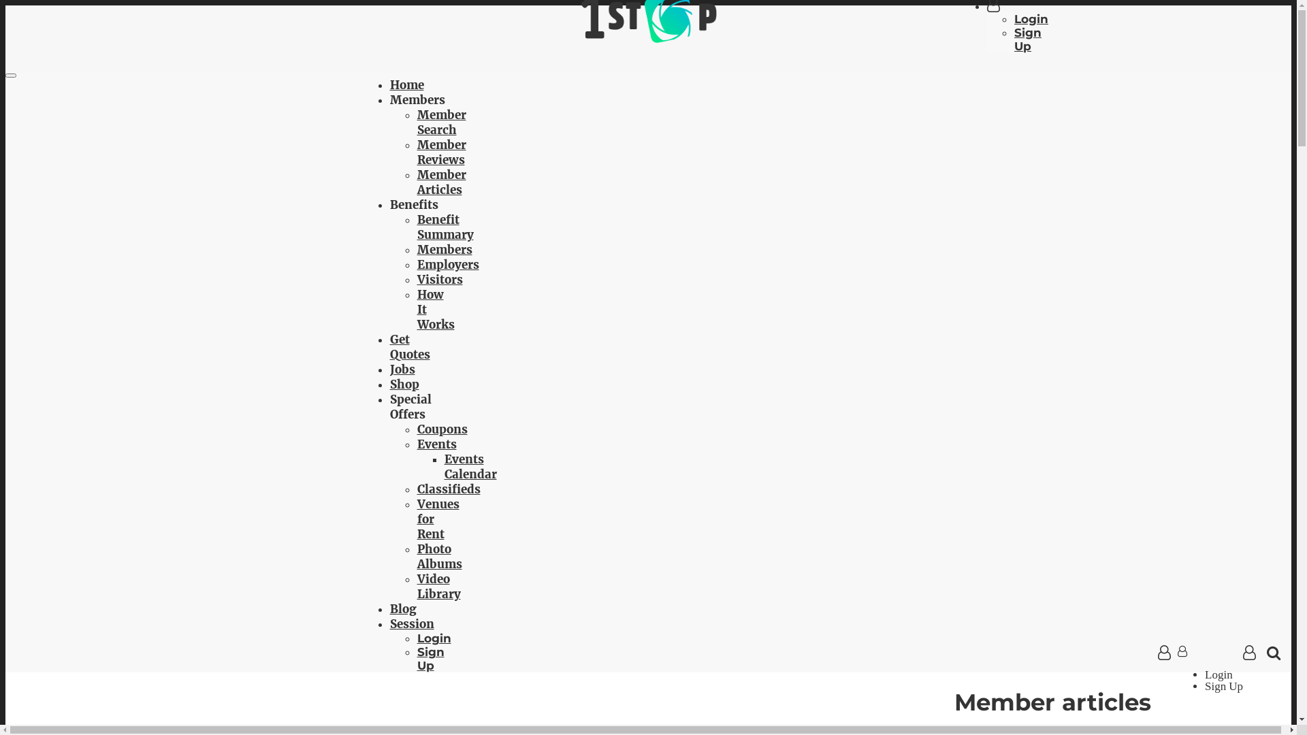  I want to click on '1STOP-PHOTOGRAPHY', so click(647, 38).